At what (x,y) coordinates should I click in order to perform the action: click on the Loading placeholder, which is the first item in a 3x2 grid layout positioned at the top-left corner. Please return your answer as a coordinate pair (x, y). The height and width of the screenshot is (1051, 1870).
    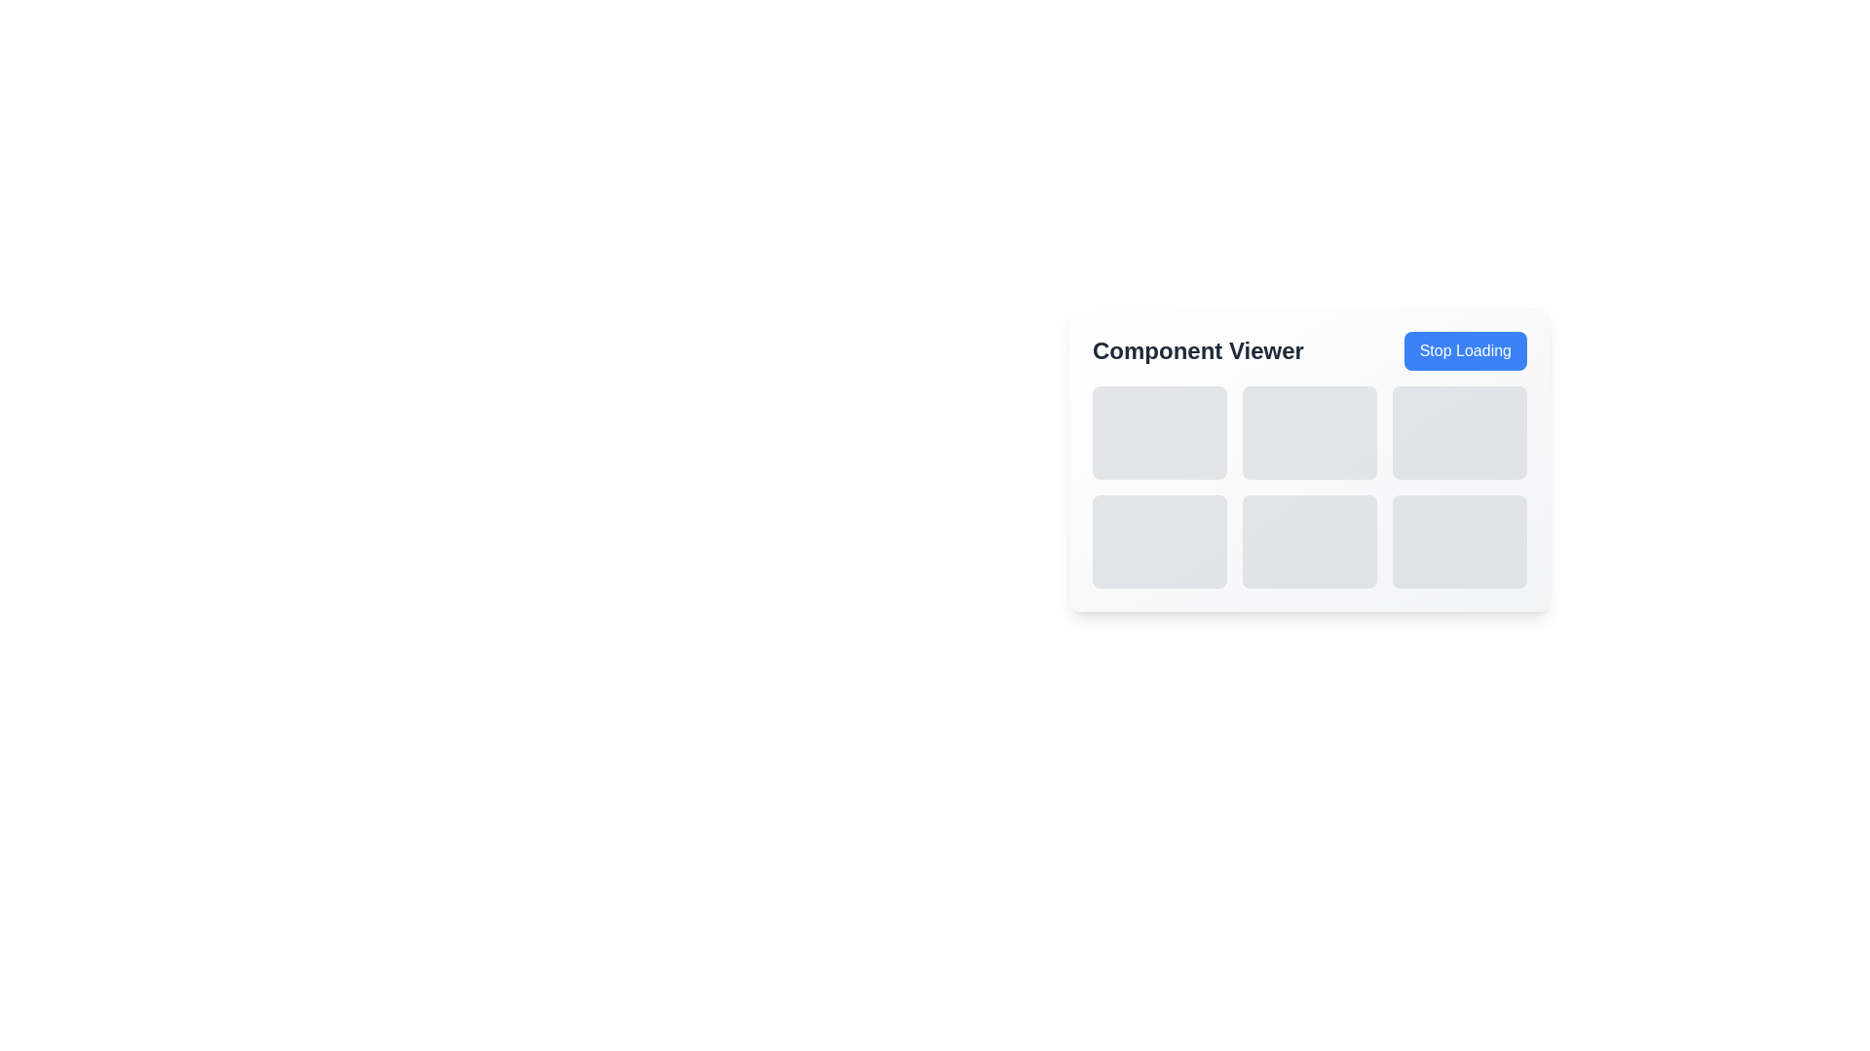
    Looking at the image, I should click on (1159, 431).